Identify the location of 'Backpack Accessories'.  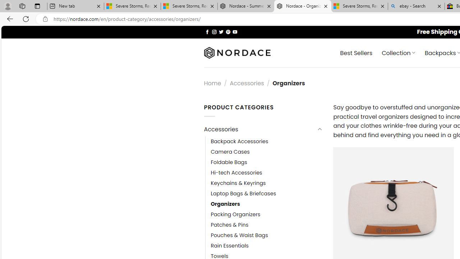
(266, 141).